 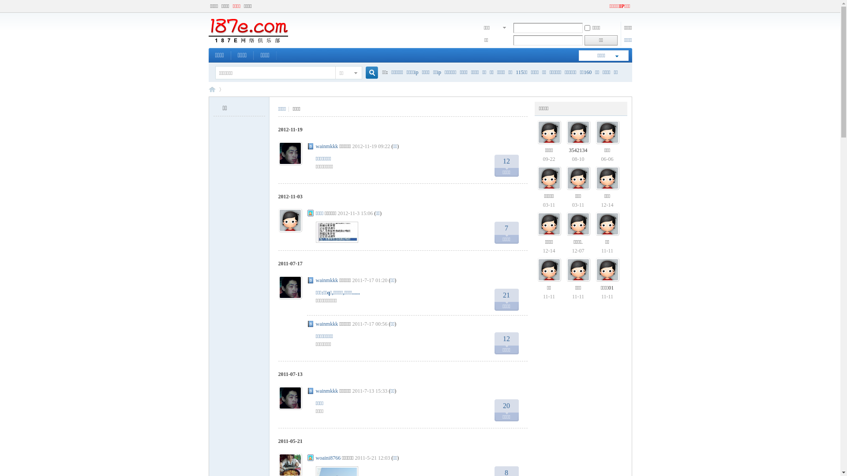 What do you see at coordinates (326, 145) in the screenshot?
I see `'wainmkkk'` at bounding box center [326, 145].